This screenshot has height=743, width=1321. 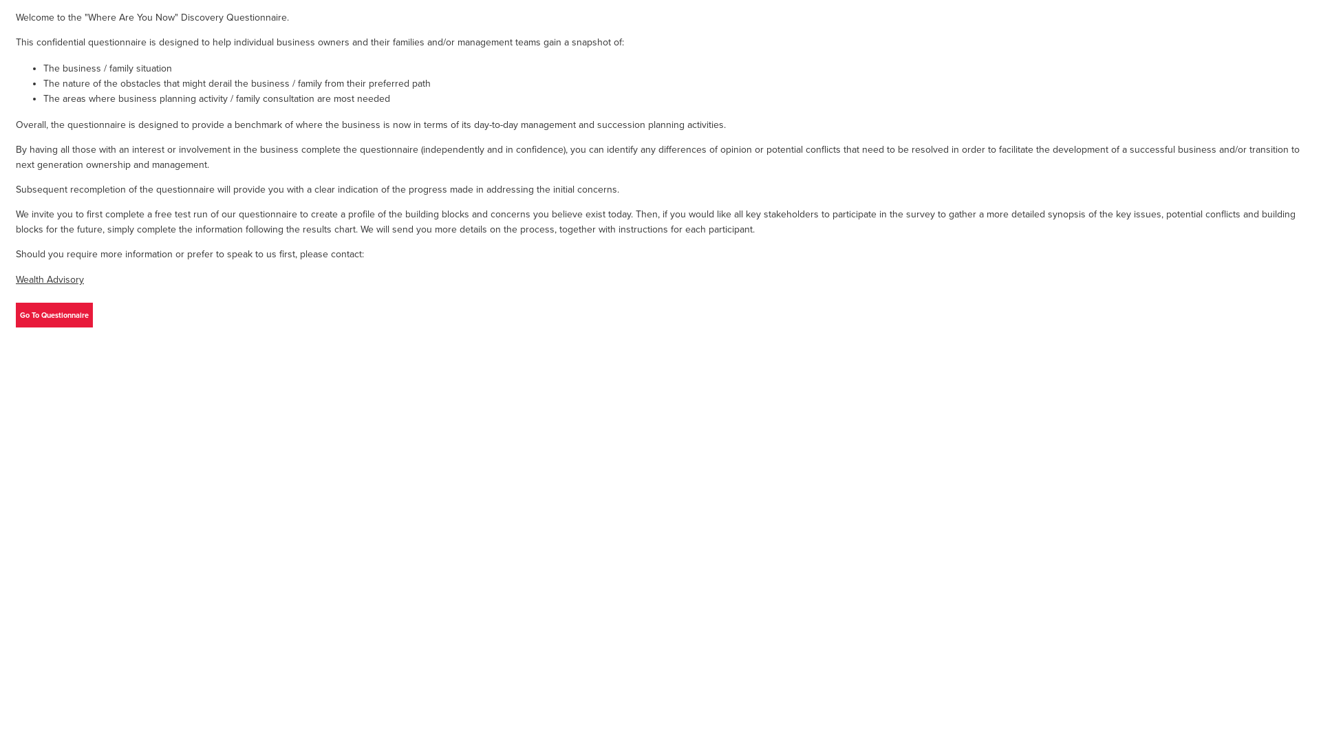 What do you see at coordinates (54, 315) in the screenshot?
I see `'Go To Questionnaire'` at bounding box center [54, 315].